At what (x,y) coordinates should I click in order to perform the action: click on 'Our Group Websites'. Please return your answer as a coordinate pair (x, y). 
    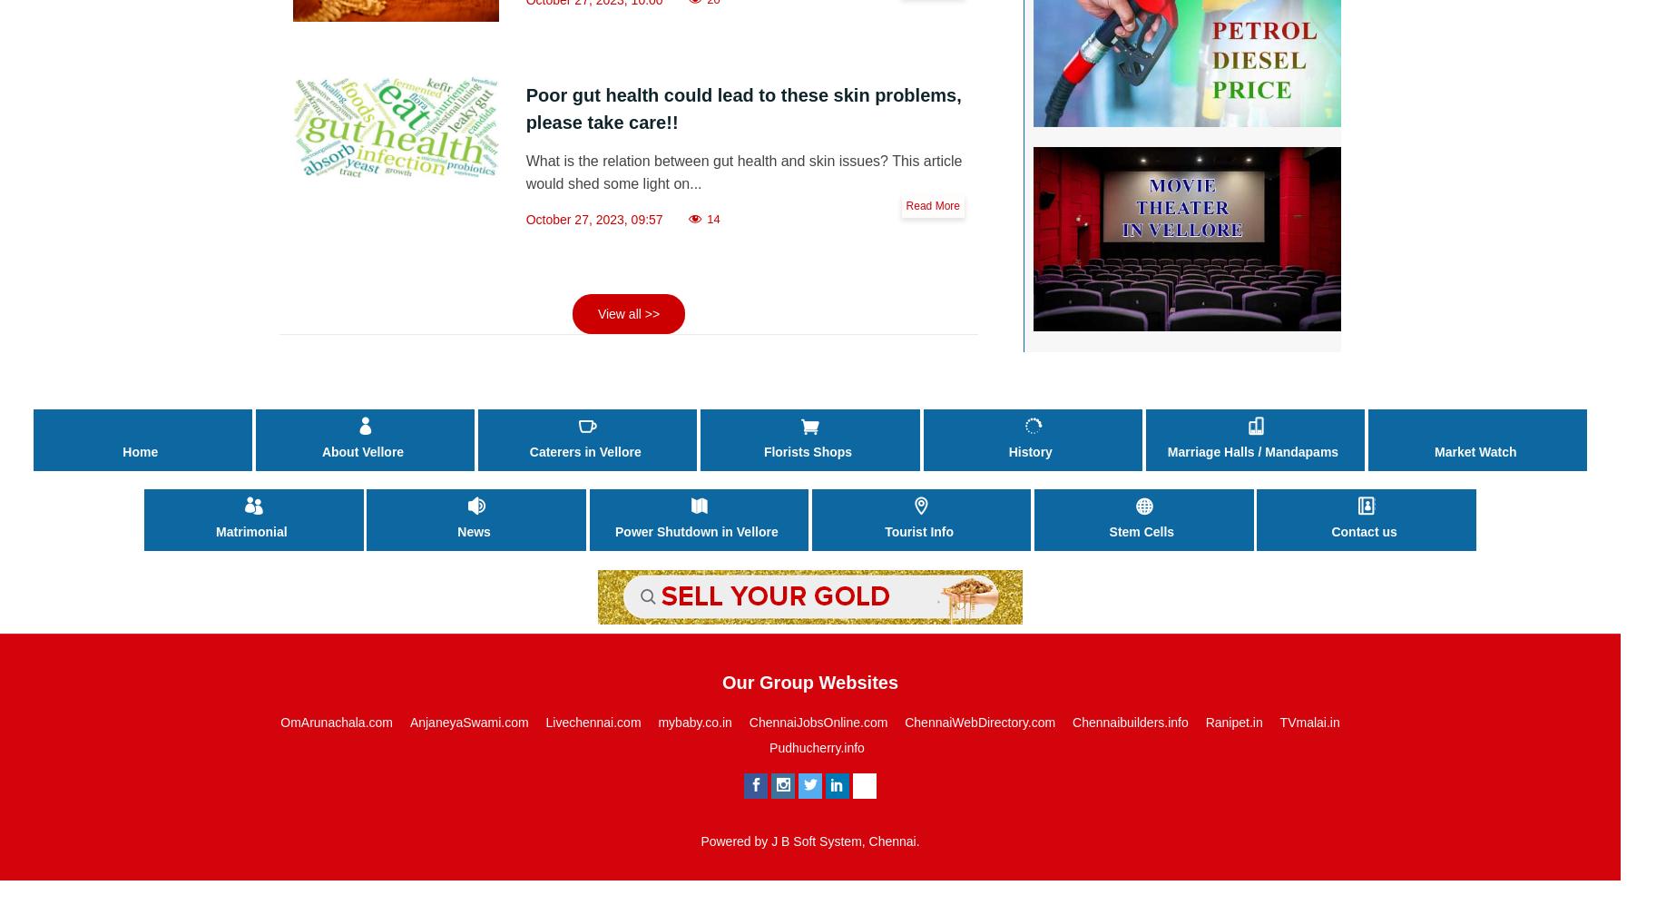
    Looking at the image, I should click on (720, 683).